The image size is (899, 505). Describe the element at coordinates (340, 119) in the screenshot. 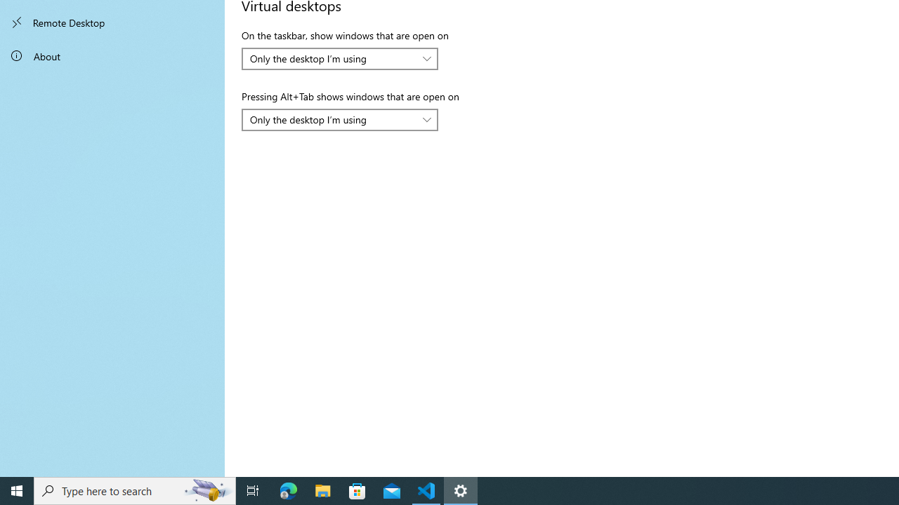

I see `'Pressing Alt+Tab shows windows that are open on'` at that location.